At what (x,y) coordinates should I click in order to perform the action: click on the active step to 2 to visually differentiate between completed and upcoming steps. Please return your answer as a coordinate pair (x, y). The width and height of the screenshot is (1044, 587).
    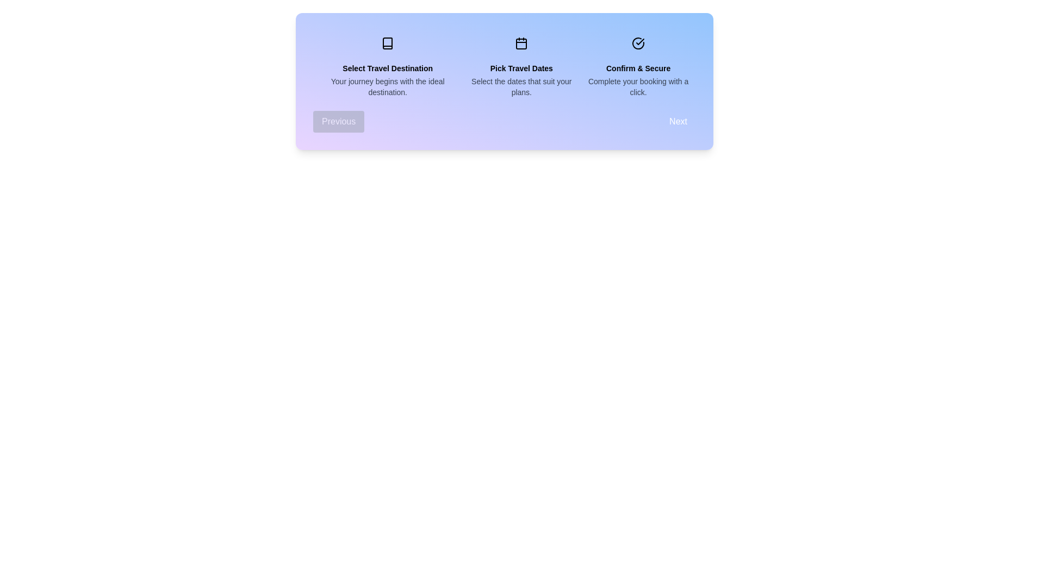
    Looking at the image, I should click on (638, 43).